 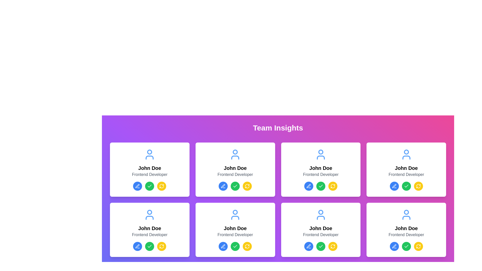 What do you see at coordinates (418, 186) in the screenshot?
I see `the circular yellow button with a white arrow refresh icon located at the bottom-right corner of the card` at bounding box center [418, 186].